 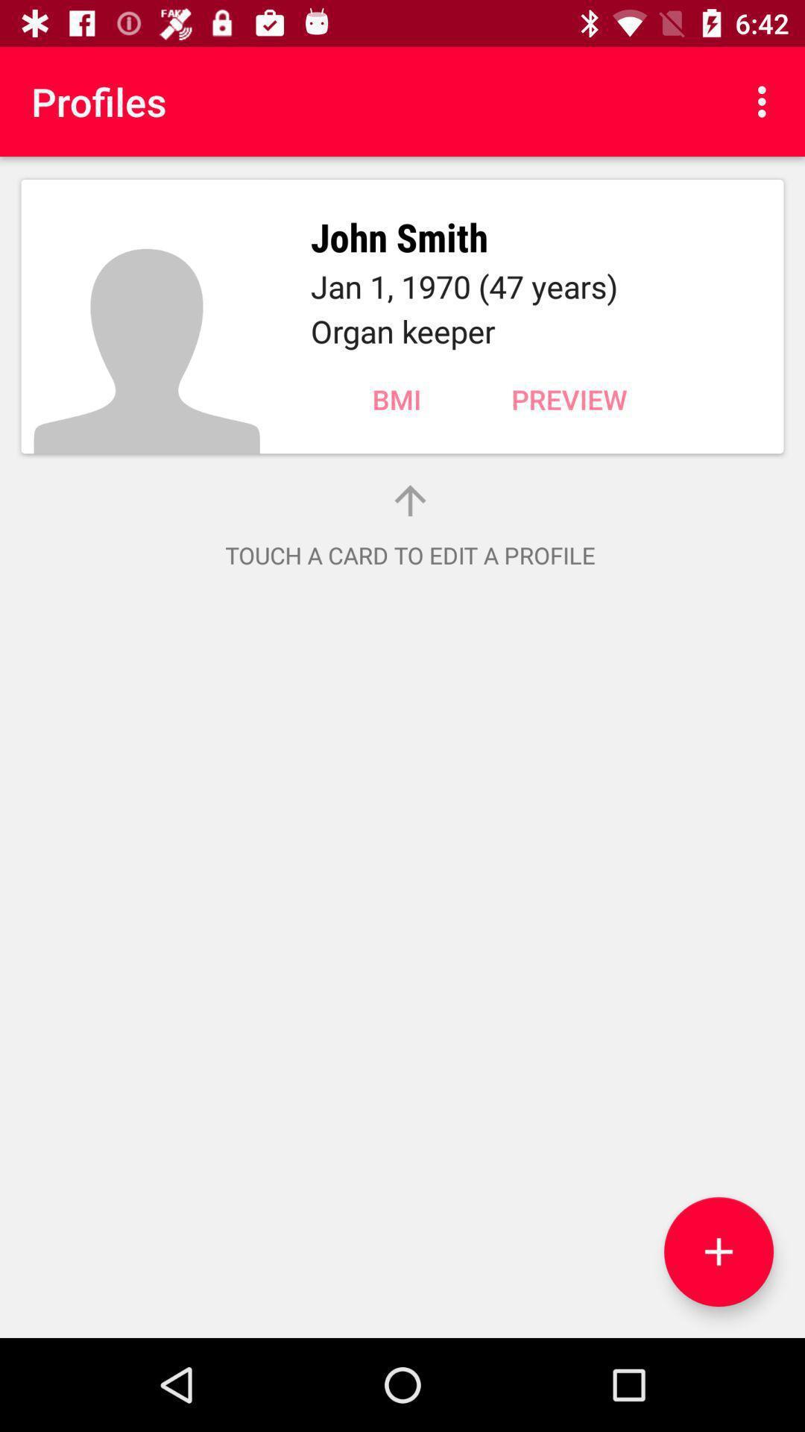 I want to click on the icon at the bottom right corner, so click(x=718, y=1252).